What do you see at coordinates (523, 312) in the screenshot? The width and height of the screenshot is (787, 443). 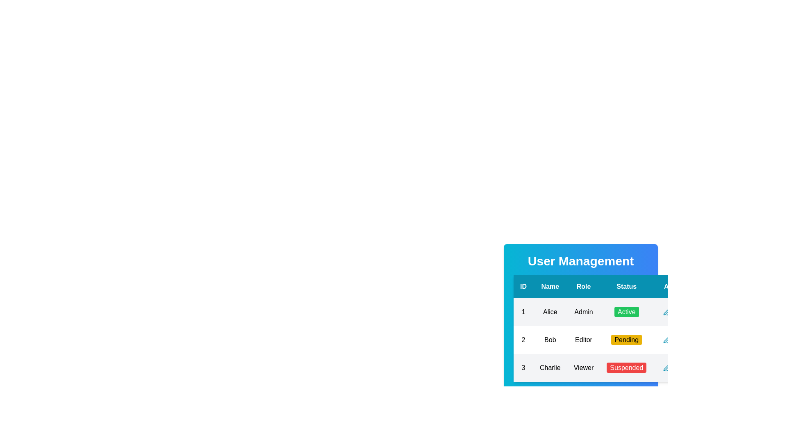 I see `the content of the static text label displaying the number '1', which is located in the first column of the first row in the 'User Management' grid` at bounding box center [523, 312].